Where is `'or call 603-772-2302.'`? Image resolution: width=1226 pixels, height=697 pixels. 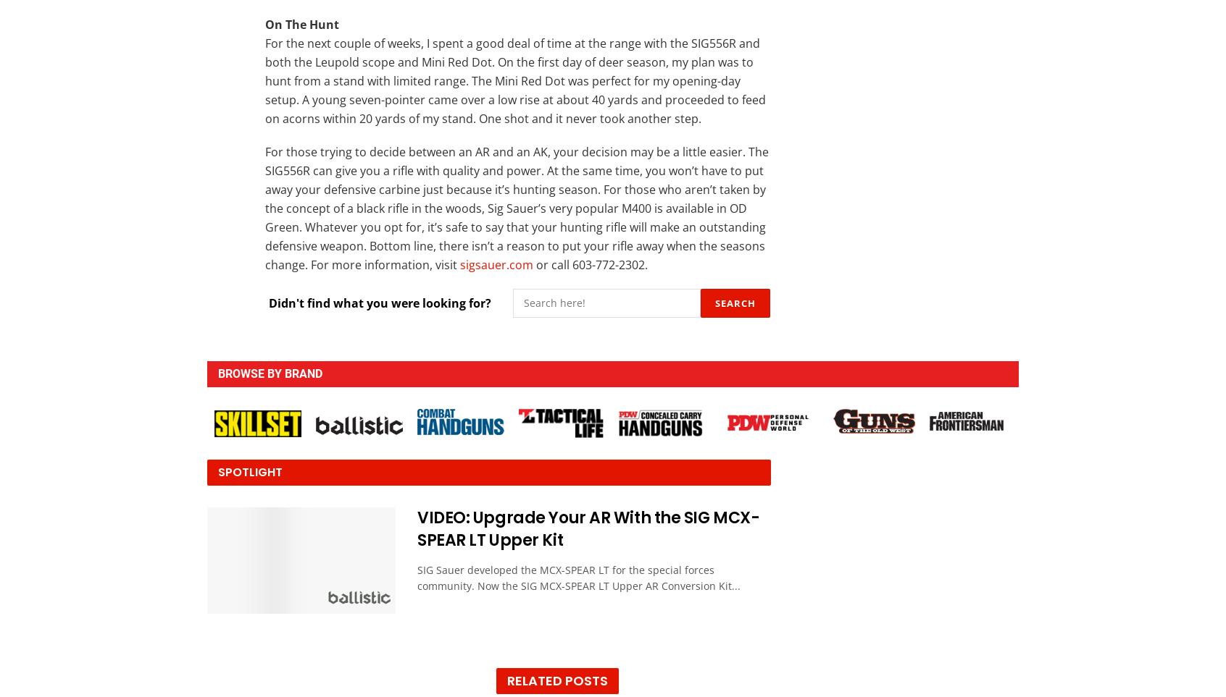 'or call 603-772-2302.' is located at coordinates (591, 263).